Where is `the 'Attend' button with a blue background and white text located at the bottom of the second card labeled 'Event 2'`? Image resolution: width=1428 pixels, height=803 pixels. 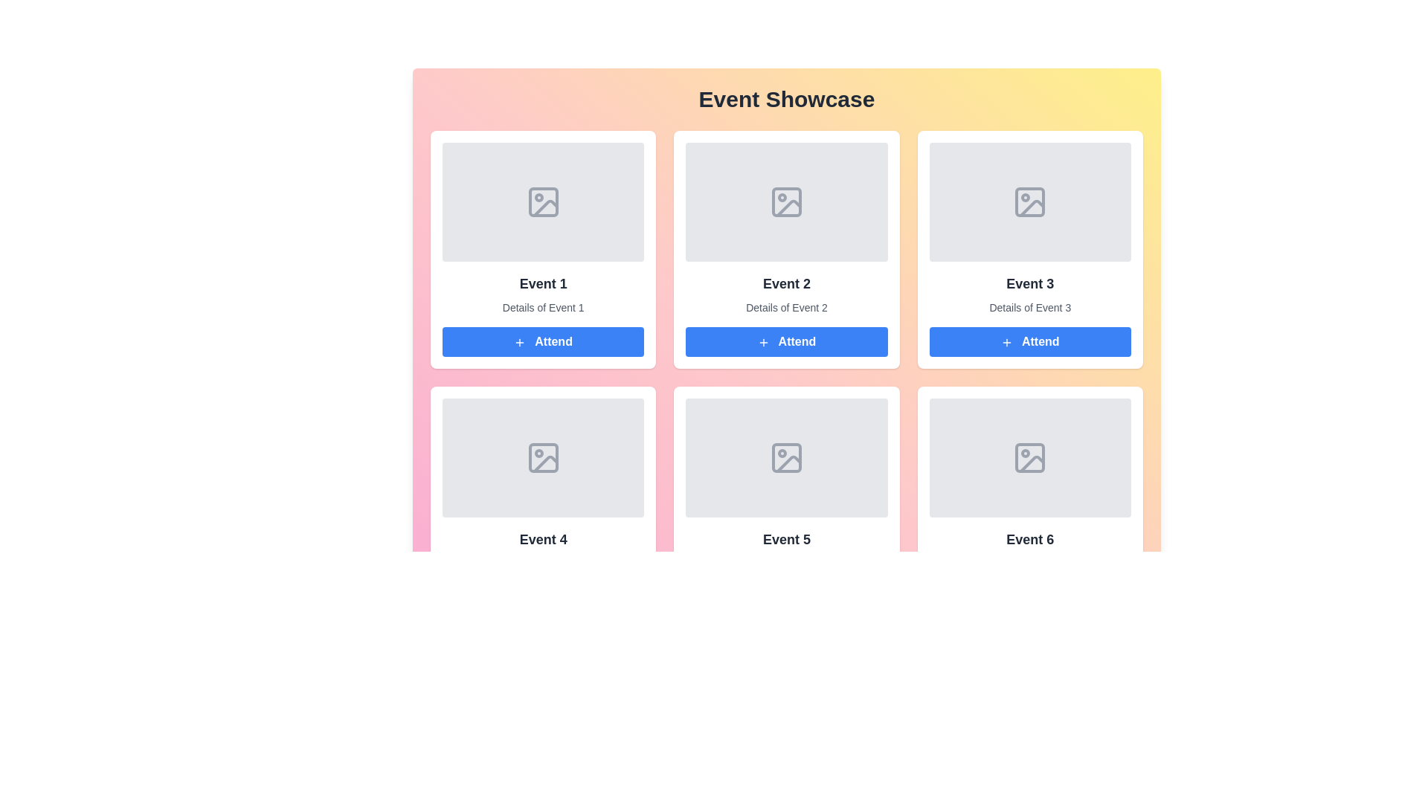 the 'Attend' button with a blue background and white text located at the bottom of the second card labeled 'Event 2' is located at coordinates (785, 341).